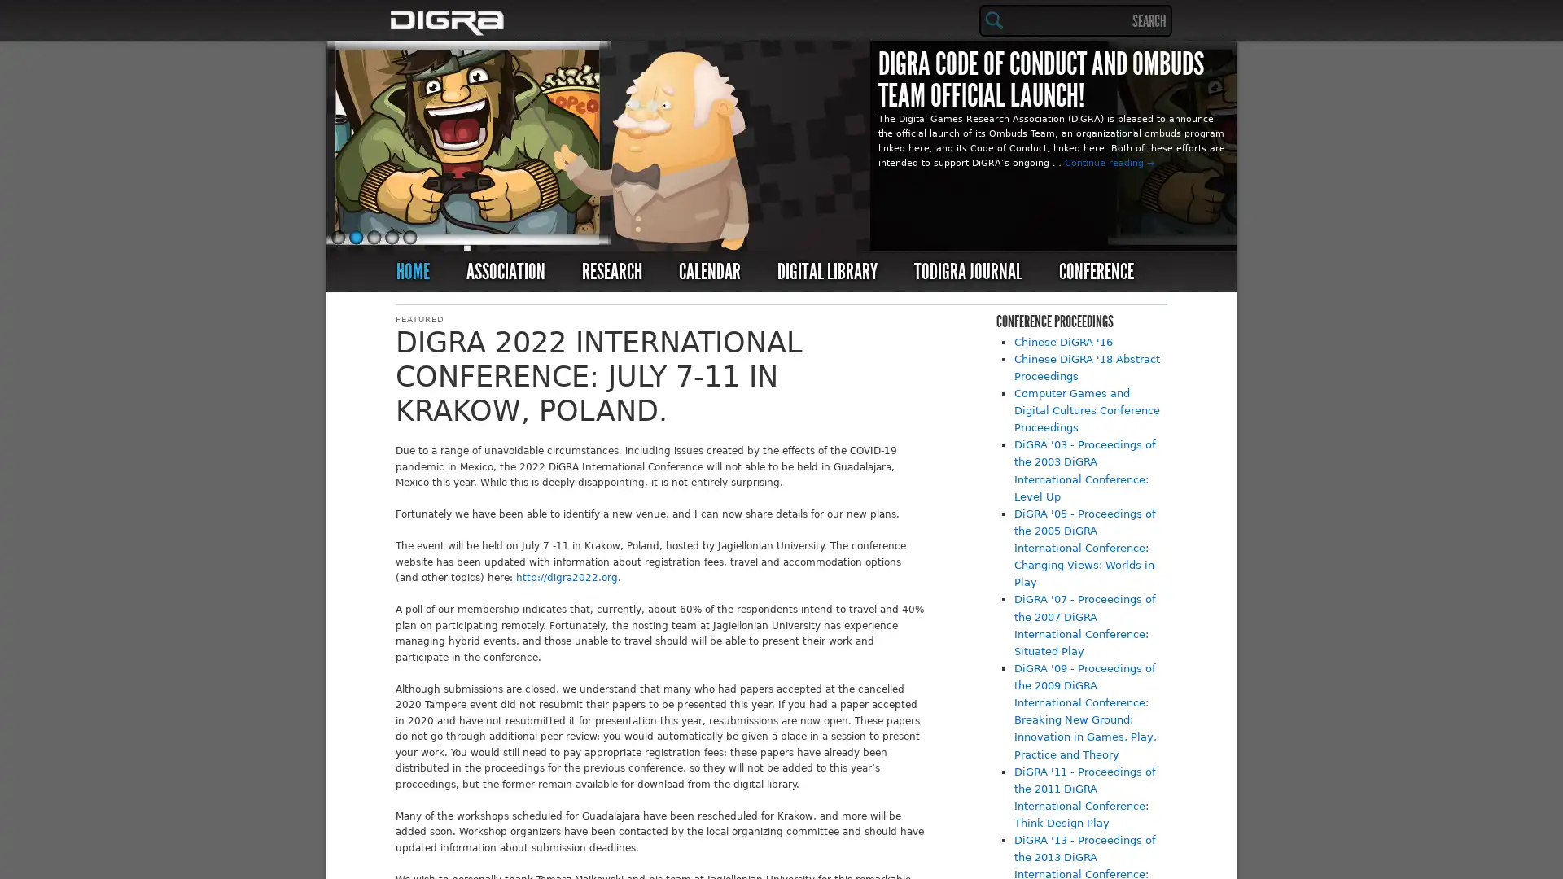 This screenshot has height=879, width=1563. I want to click on Search, so click(993, 20).